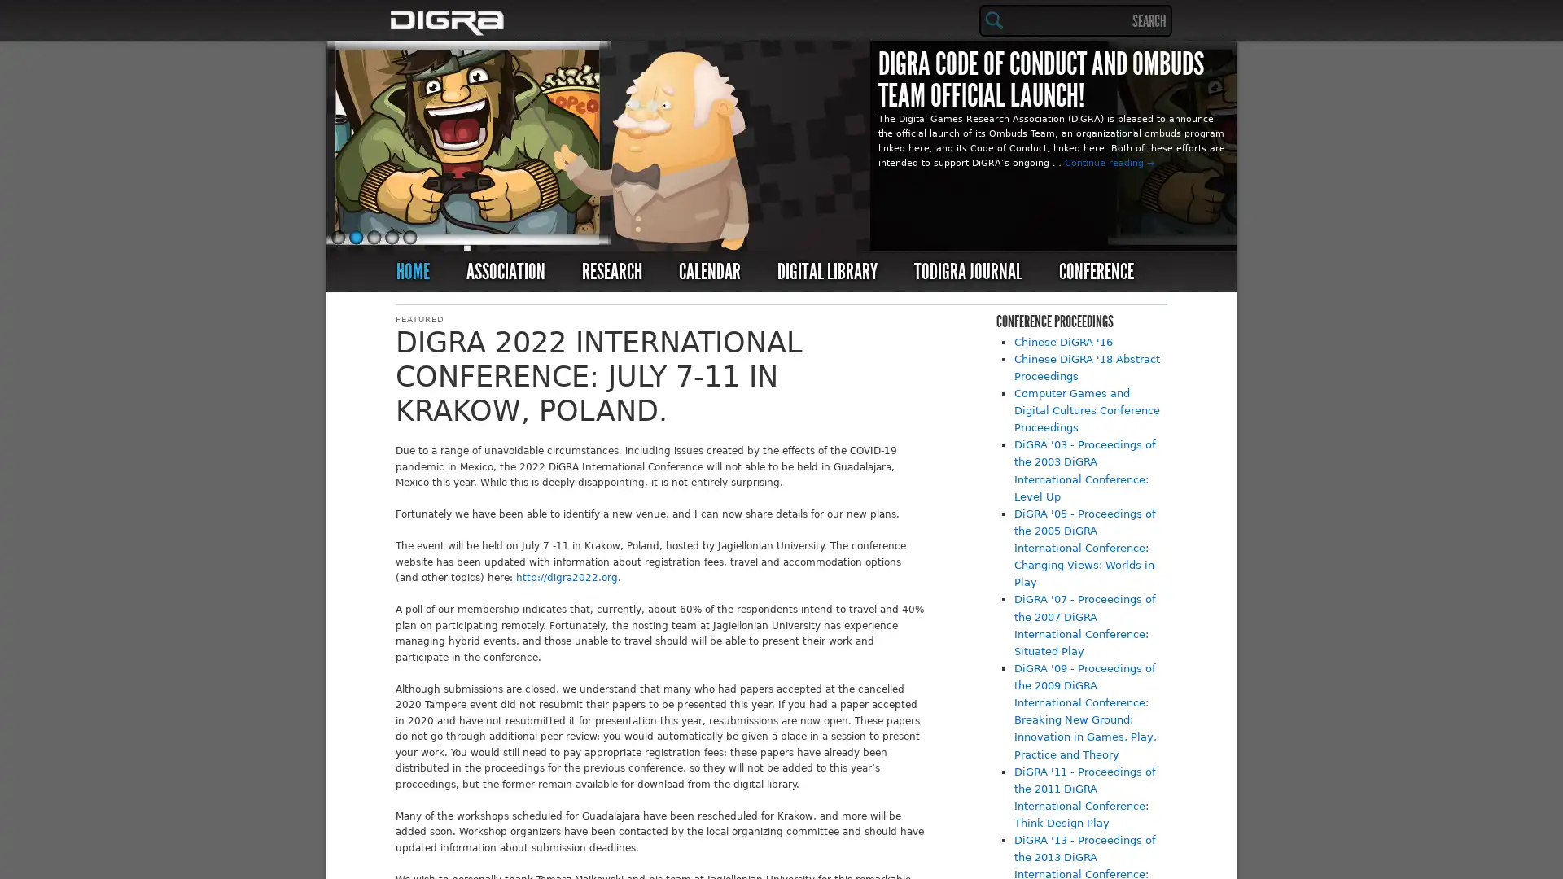 This screenshot has height=879, width=1563. I want to click on Search, so click(993, 20).